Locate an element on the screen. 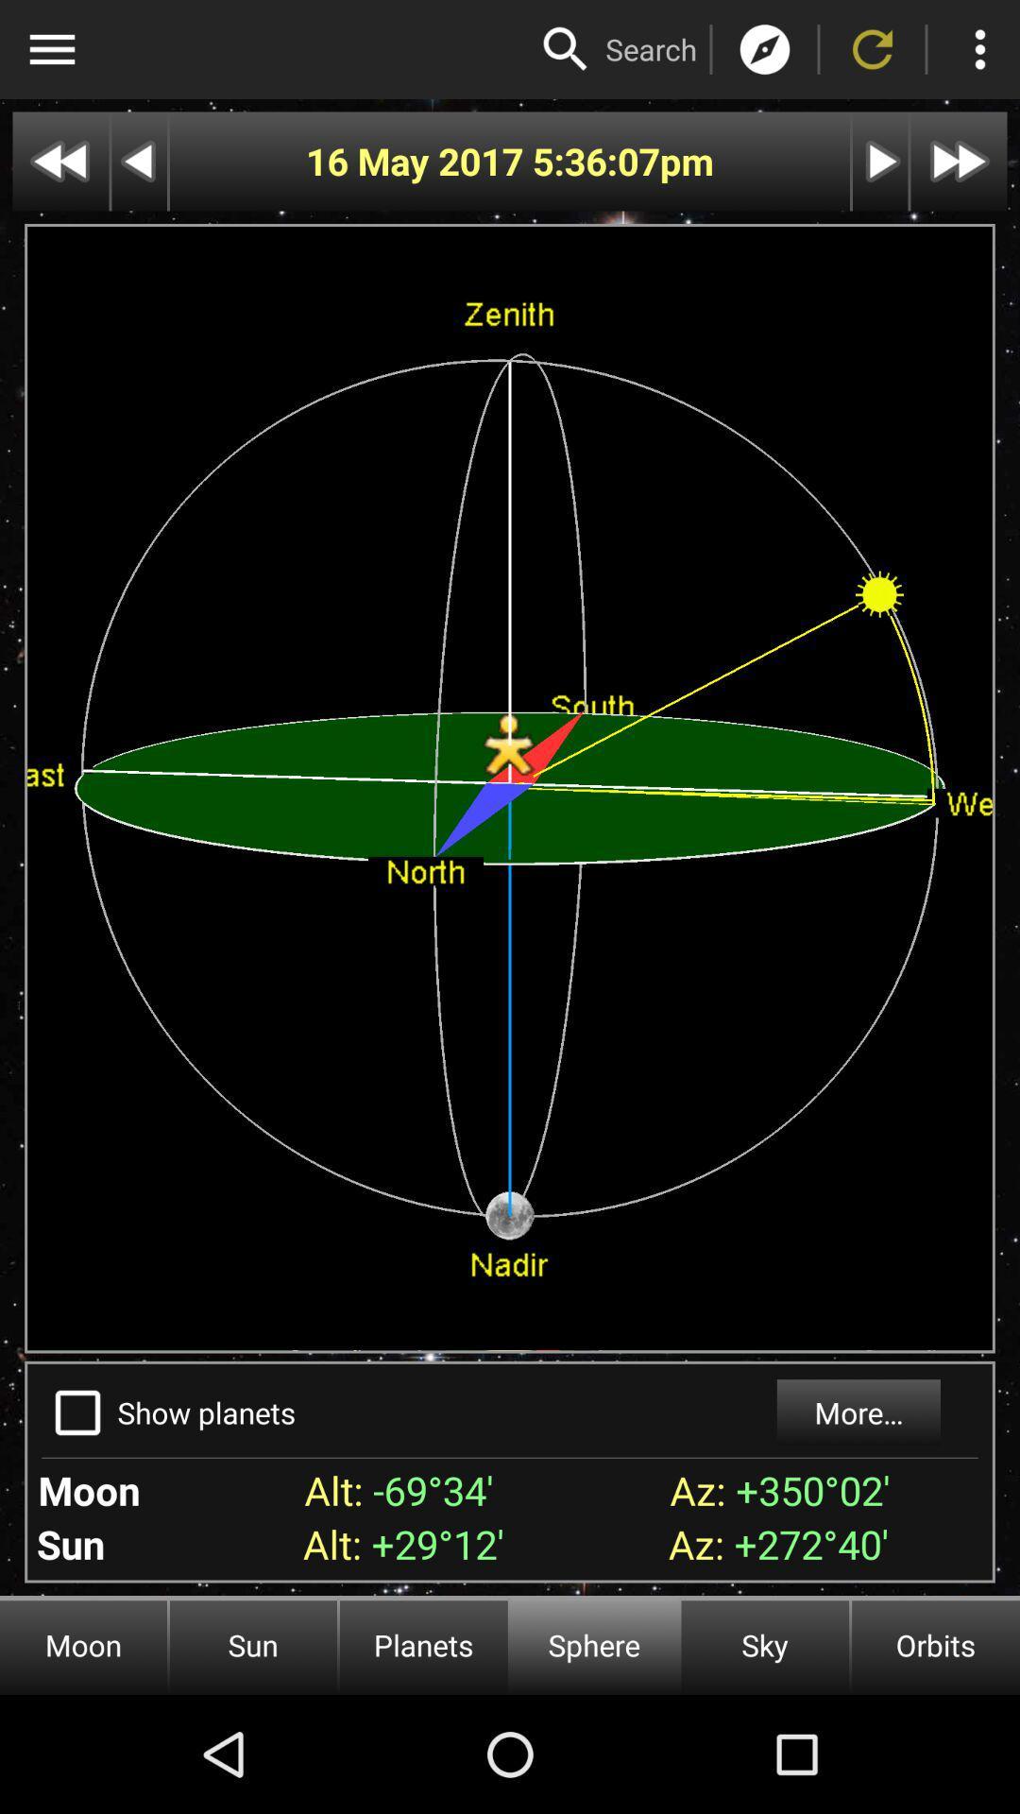 This screenshot has width=1020, height=1814. item above the 5:36:07 app is located at coordinates (650, 49).